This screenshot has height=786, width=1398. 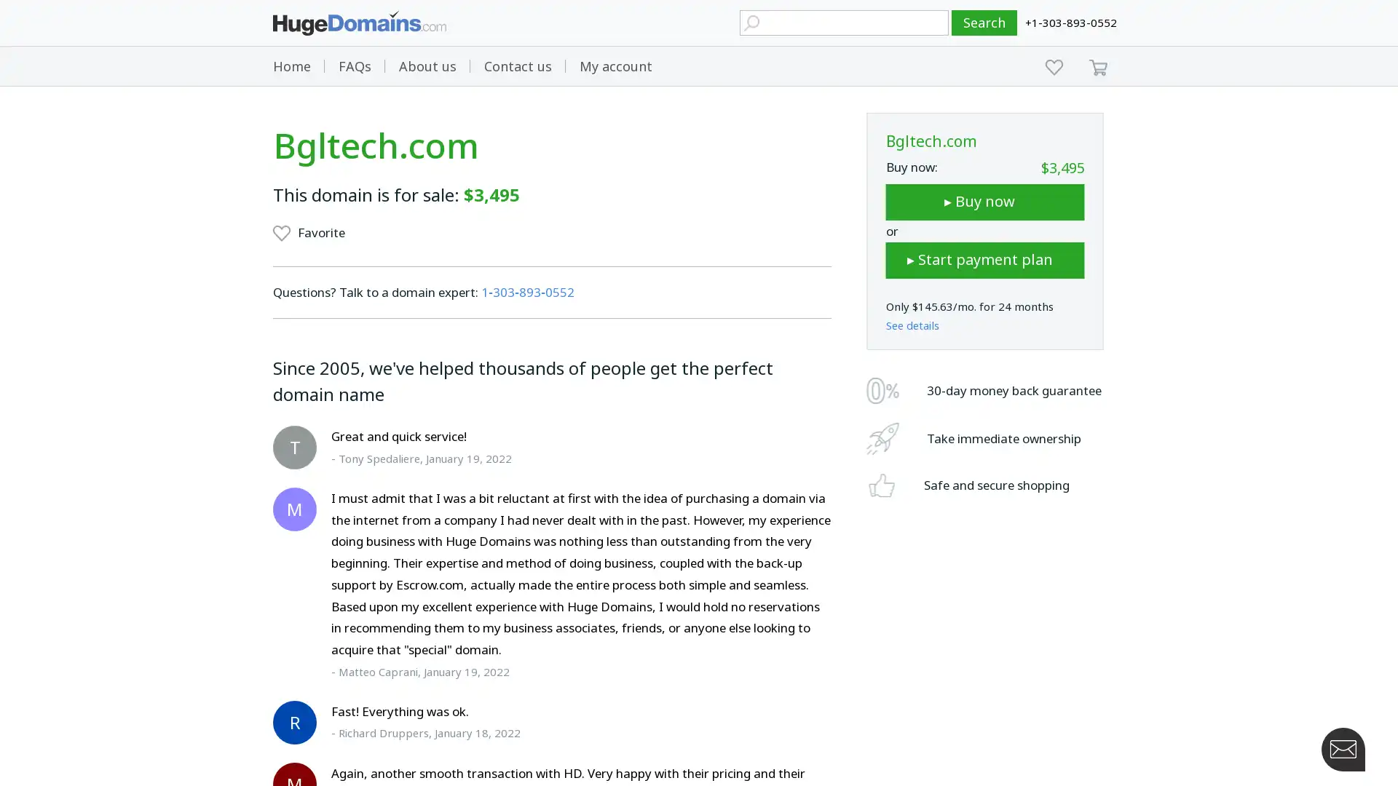 What do you see at coordinates (984, 23) in the screenshot?
I see `Search` at bounding box center [984, 23].